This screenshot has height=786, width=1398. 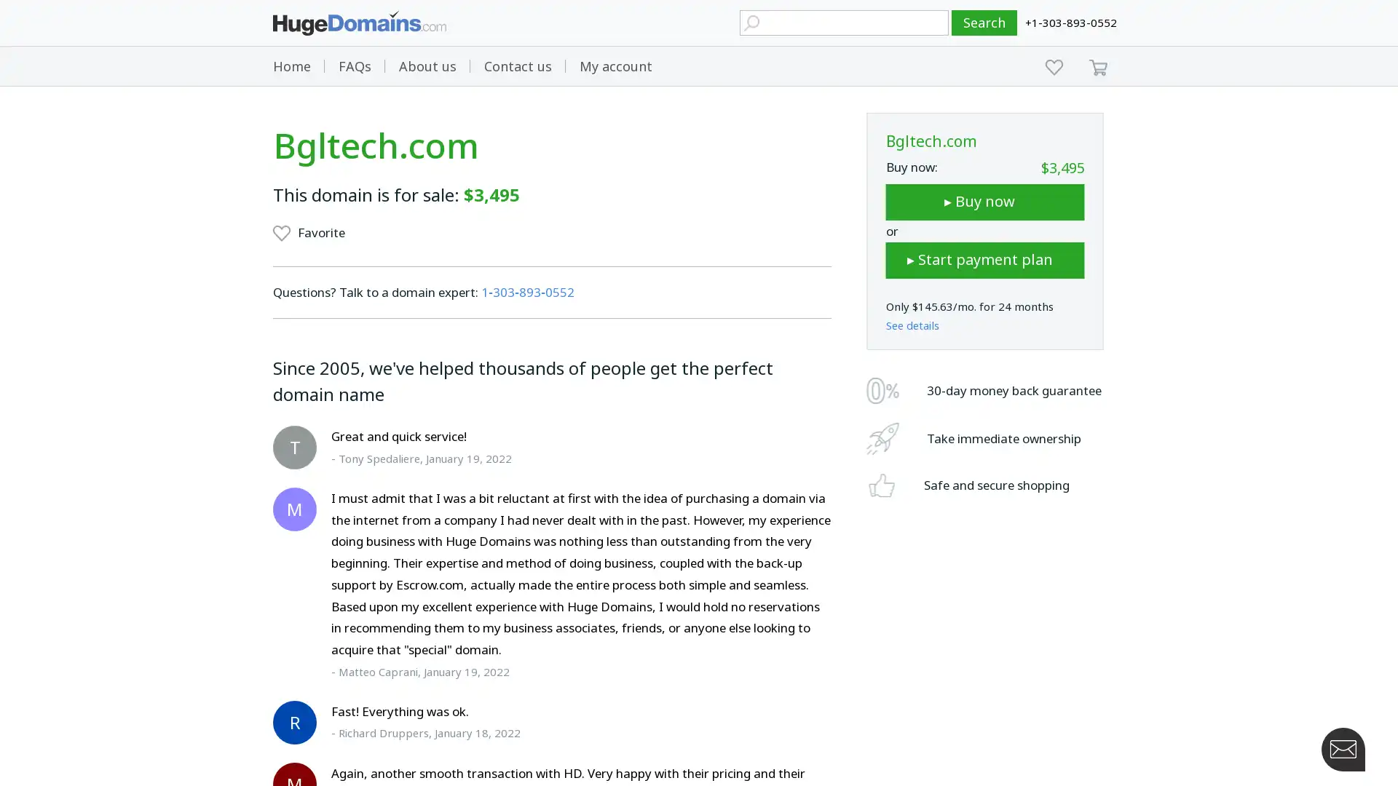 What do you see at coordinates (984, 23) in the screenshot?
I see `Search` at bounding box center [984, 23].